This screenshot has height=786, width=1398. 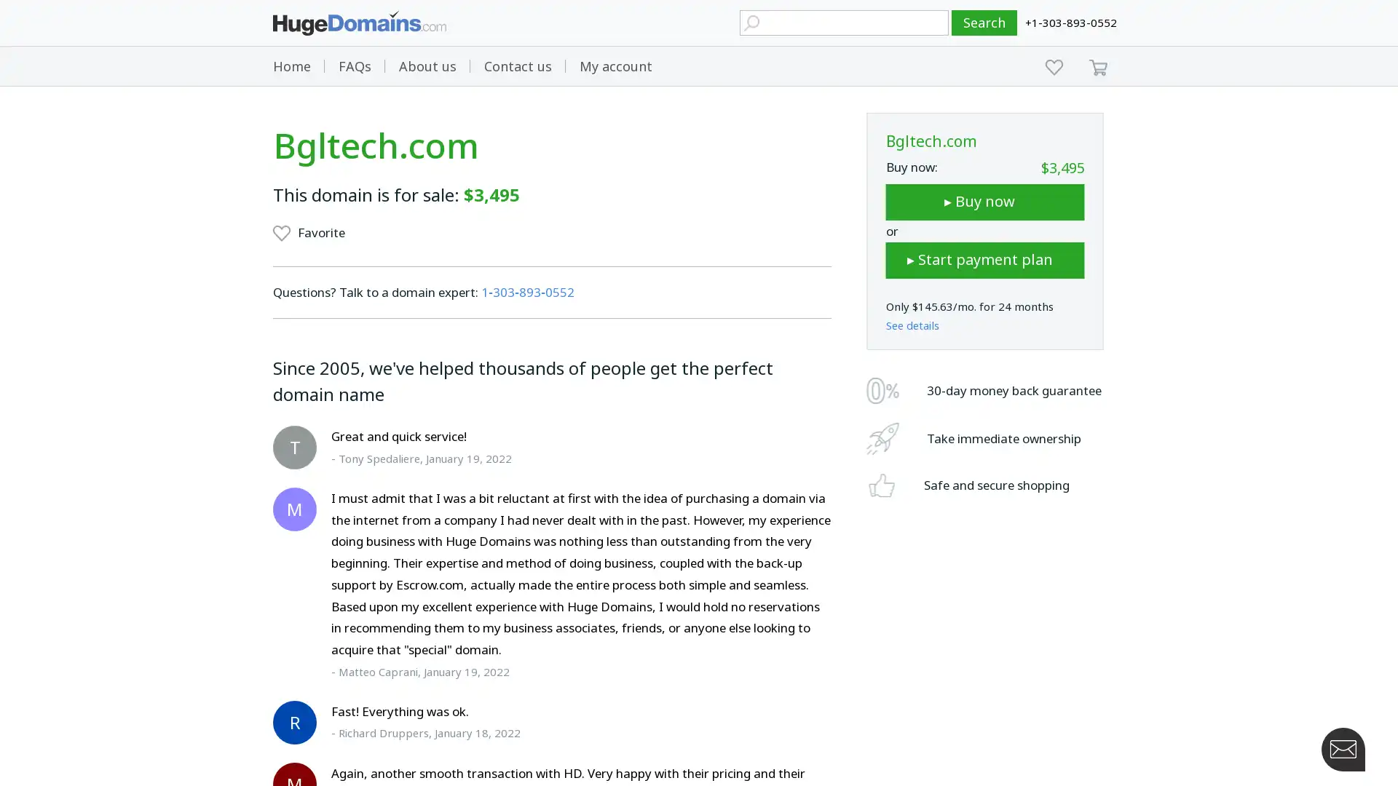 What do you see at coordinates (984, 23) in the screenshot?
I see `Search` at bounding box center [984, 23].